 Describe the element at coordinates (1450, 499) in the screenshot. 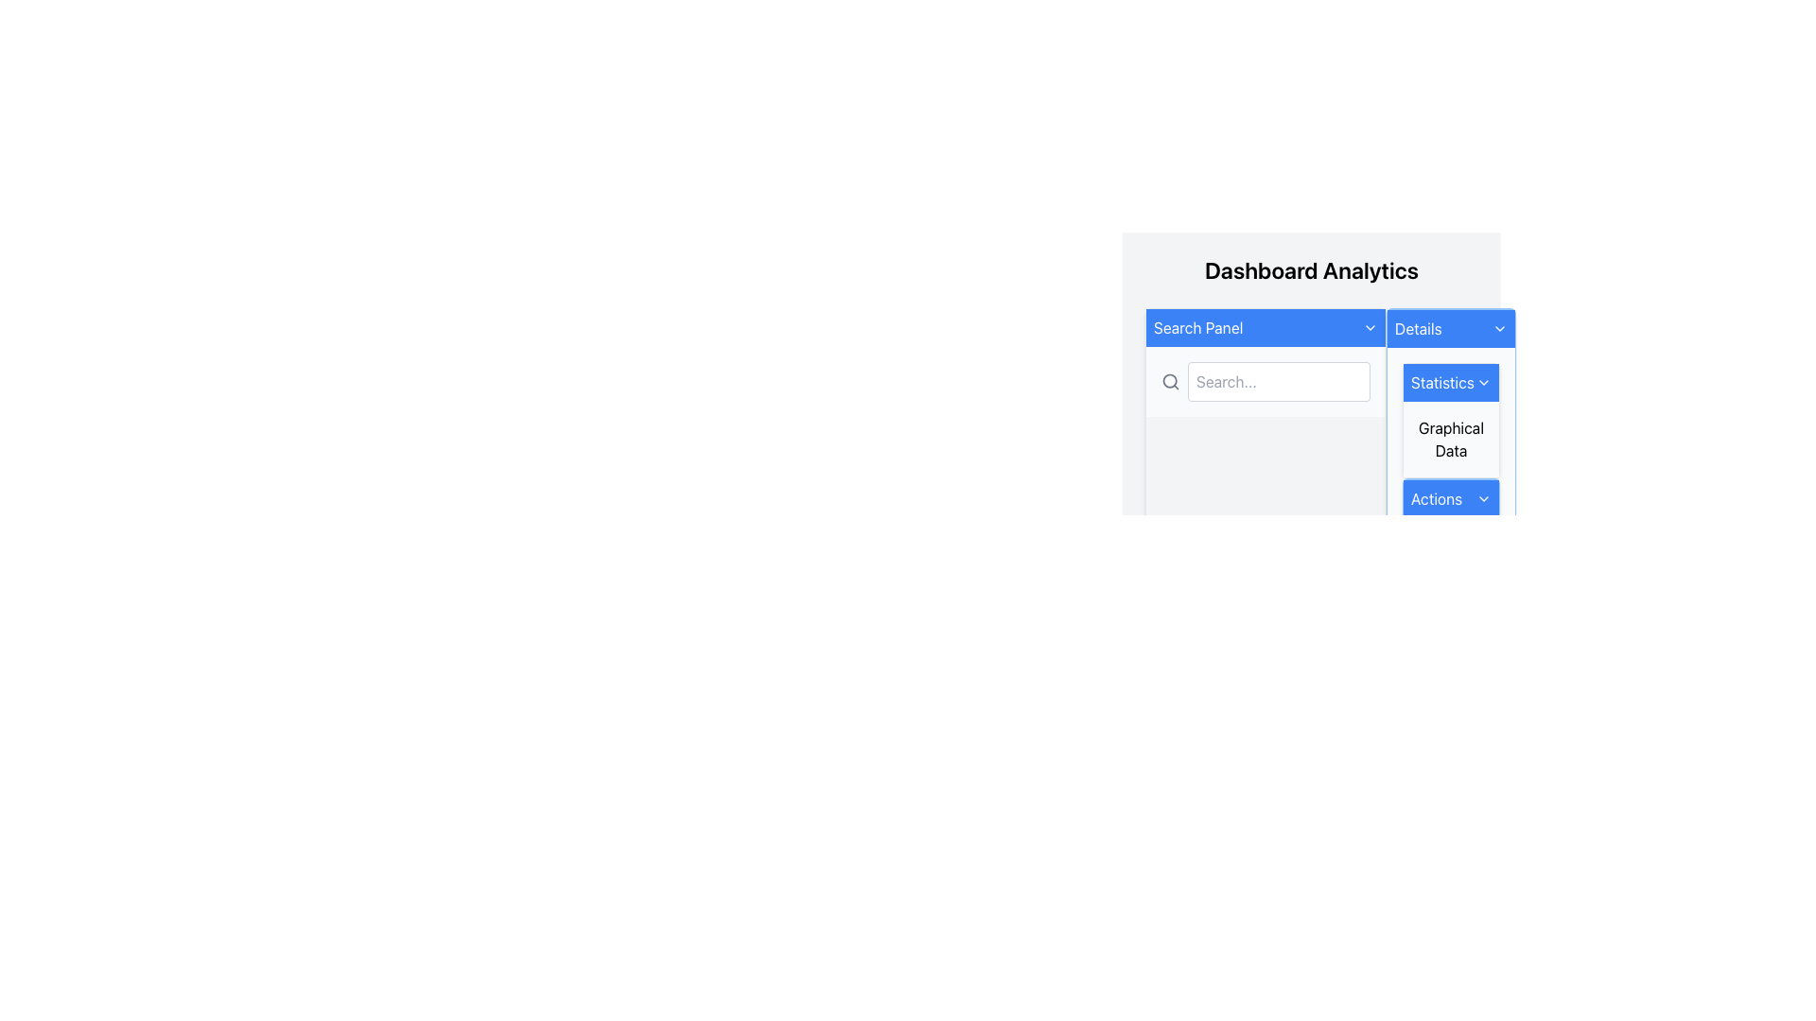

I see `the 'Actions' option in the Menu Section located in the right panel labeled 'Details'` at that location.